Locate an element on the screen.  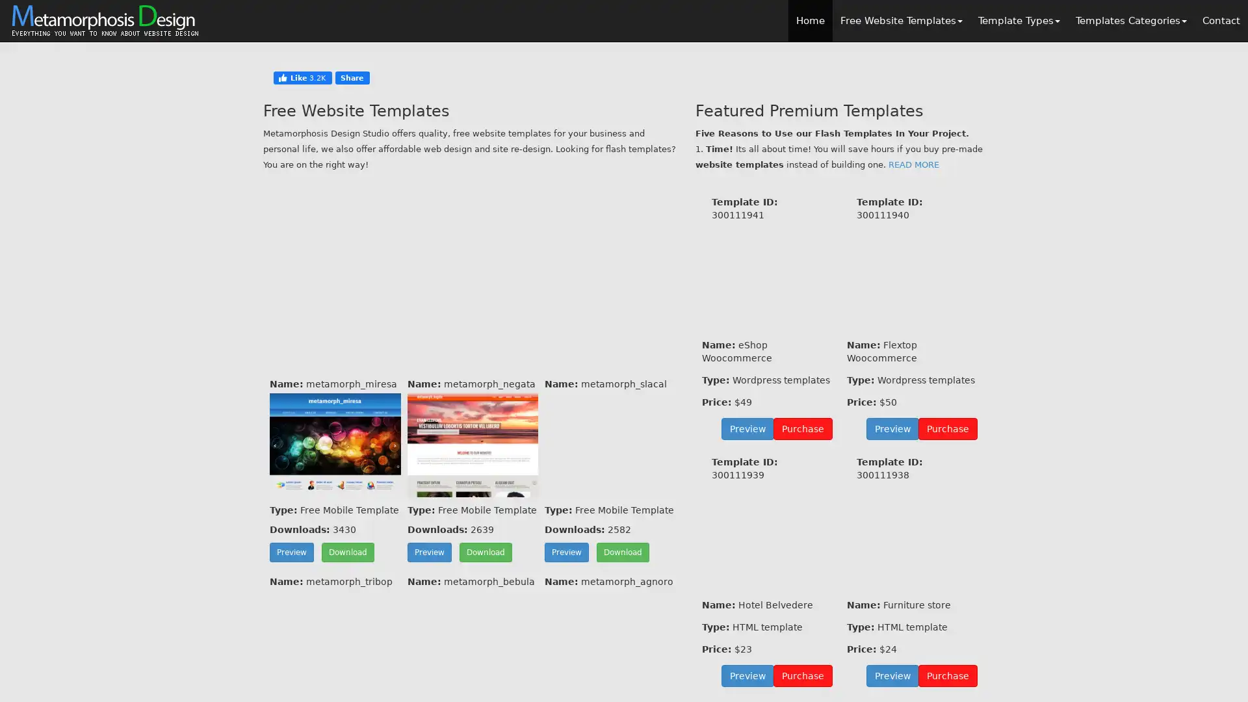
Preview is located at coordinates (429, 552).